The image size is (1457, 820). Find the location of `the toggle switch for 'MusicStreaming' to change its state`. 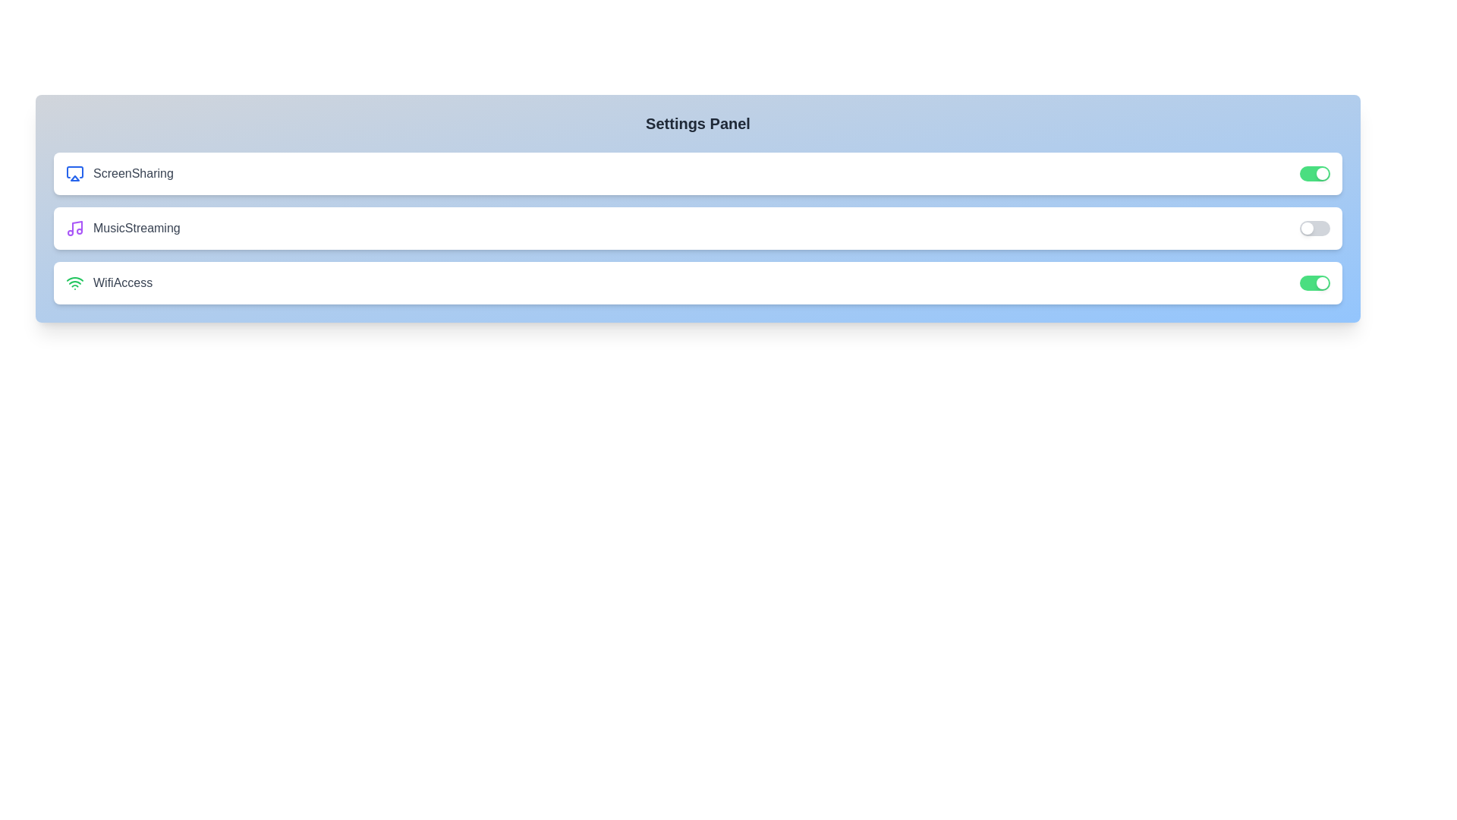

the toggle switch for 'MusicStreaming' to change its state is located at coordinates (1314, 228).